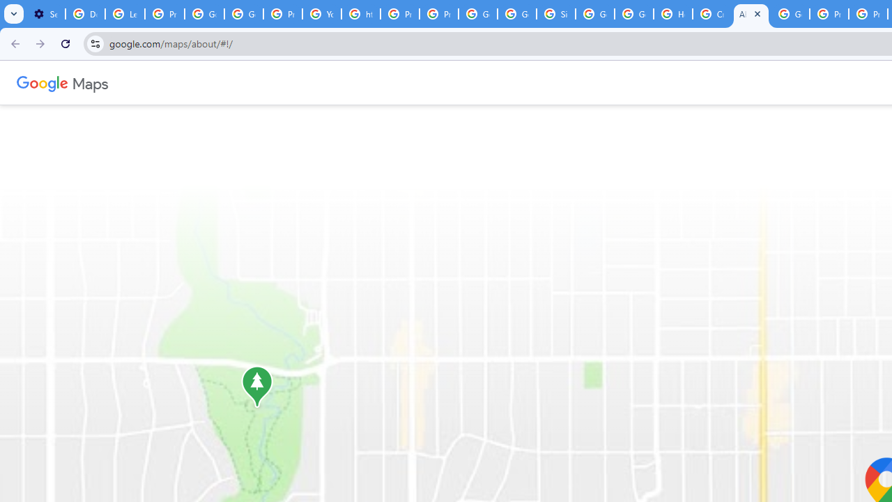 This screenshot has width=892, height=502. Describe the element at coordinates (45, 14) in the screenshot. I see `'Settings - Performance'` at that location.